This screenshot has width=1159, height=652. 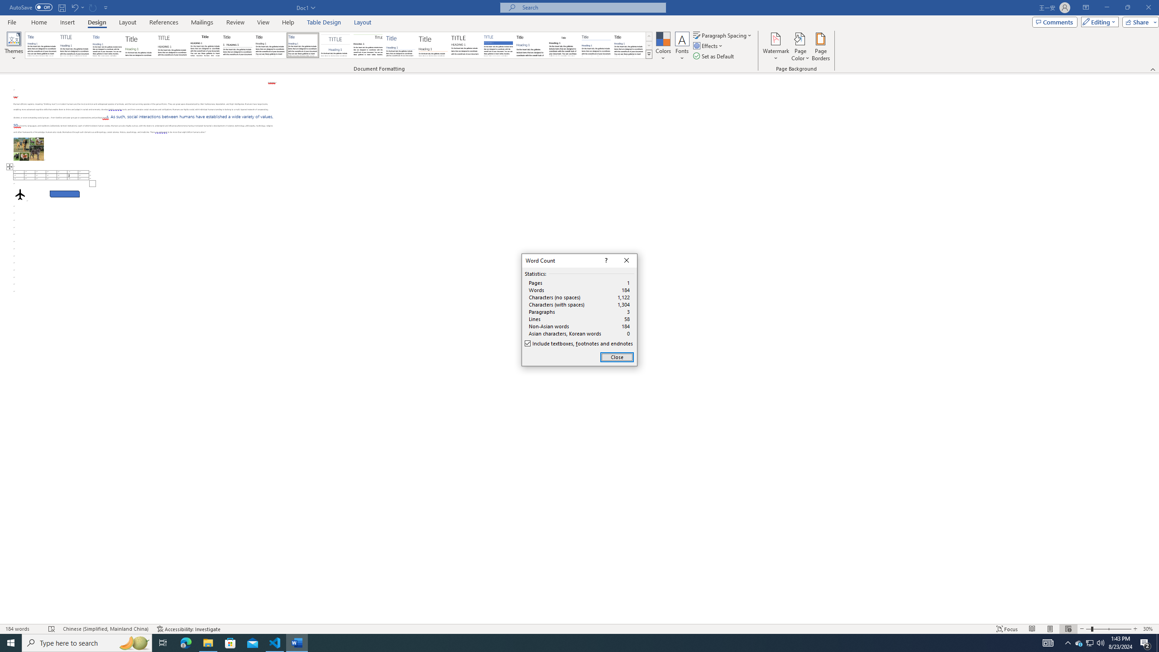 What do you see at coordinates (1135, 629) in the screenshot?
I see `'Zoom In'` at bounding box center [1135, 629].